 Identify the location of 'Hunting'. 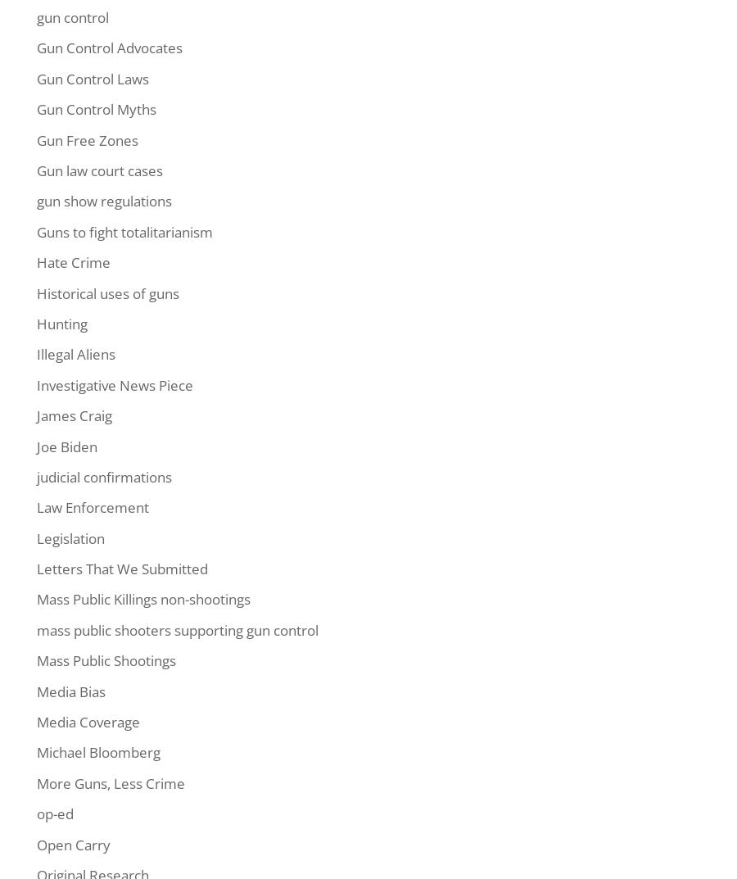
(61, 322).